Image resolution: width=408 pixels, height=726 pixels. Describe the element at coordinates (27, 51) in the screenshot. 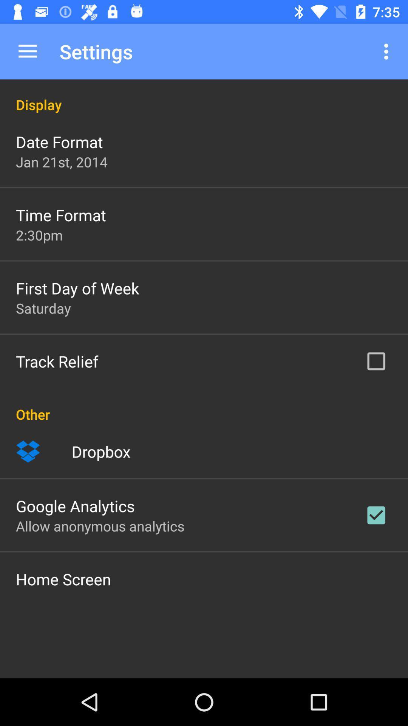

I see `the item next to settings app` at that location.